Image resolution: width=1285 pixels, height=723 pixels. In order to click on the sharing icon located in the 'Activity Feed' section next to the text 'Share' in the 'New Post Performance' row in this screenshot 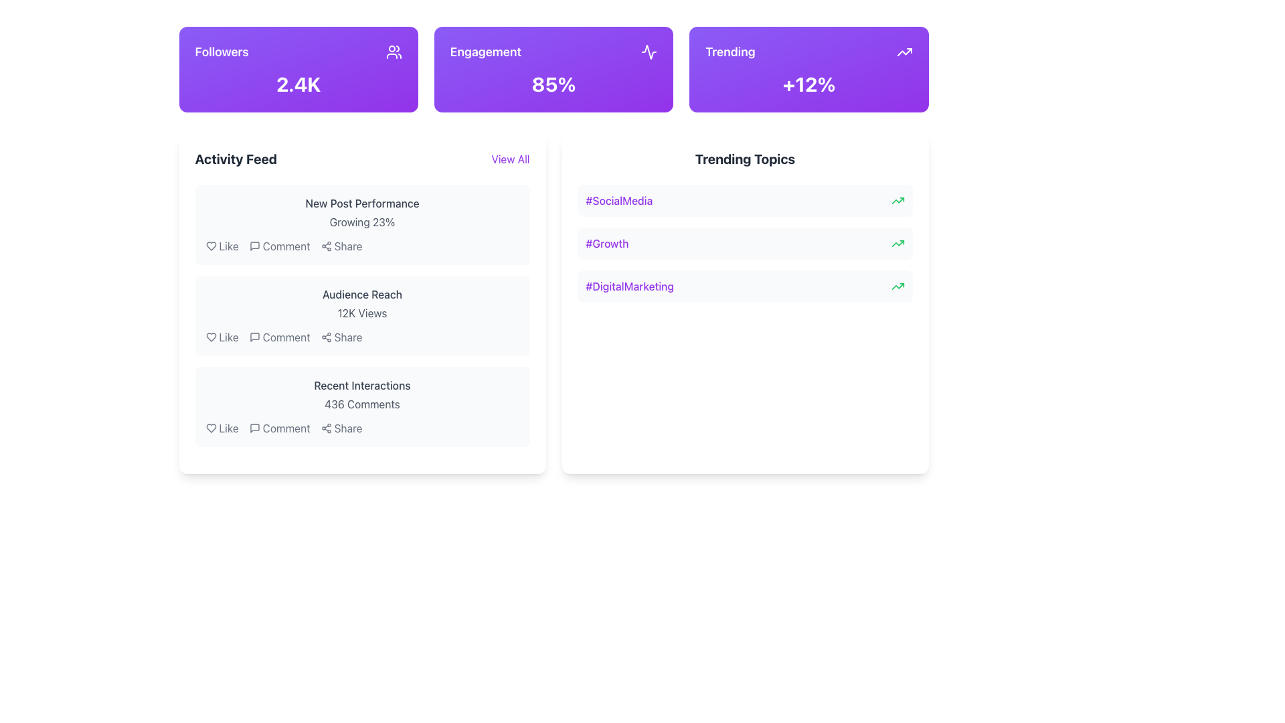, I will do `click(326, 246)`.